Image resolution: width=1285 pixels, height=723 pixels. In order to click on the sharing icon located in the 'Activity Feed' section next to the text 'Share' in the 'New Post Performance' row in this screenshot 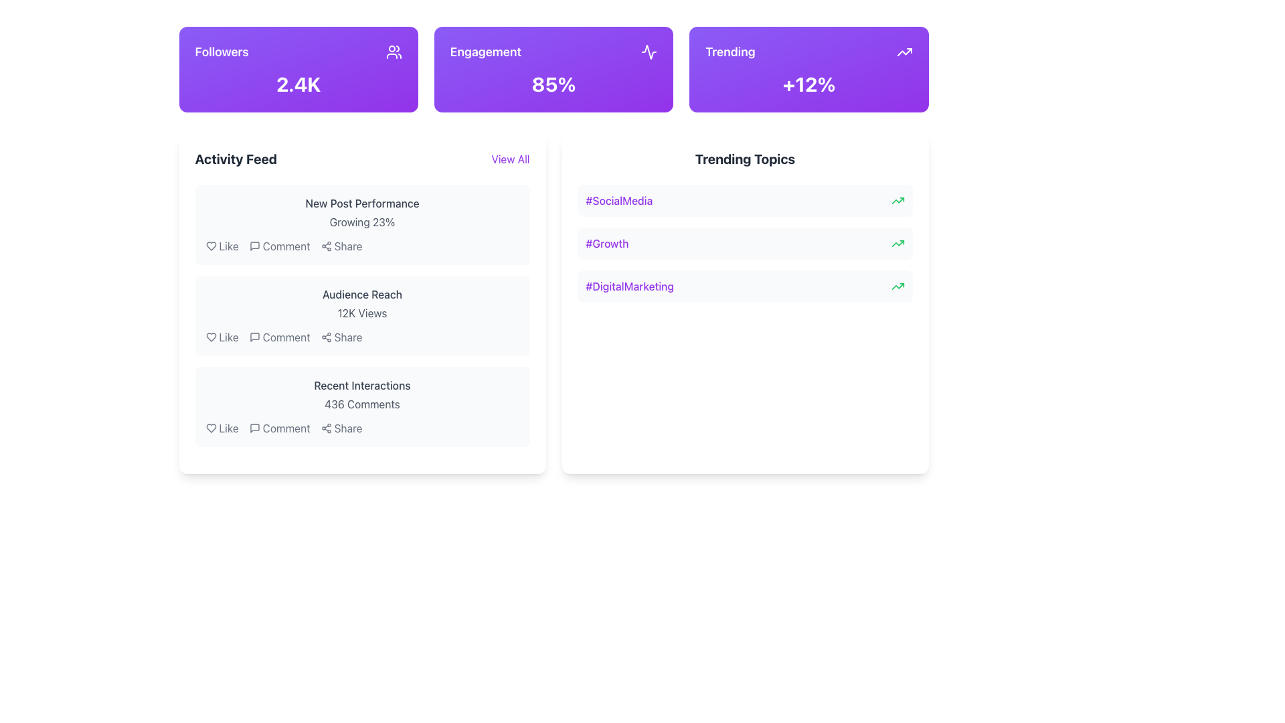, I will do `click(326, 246)`.